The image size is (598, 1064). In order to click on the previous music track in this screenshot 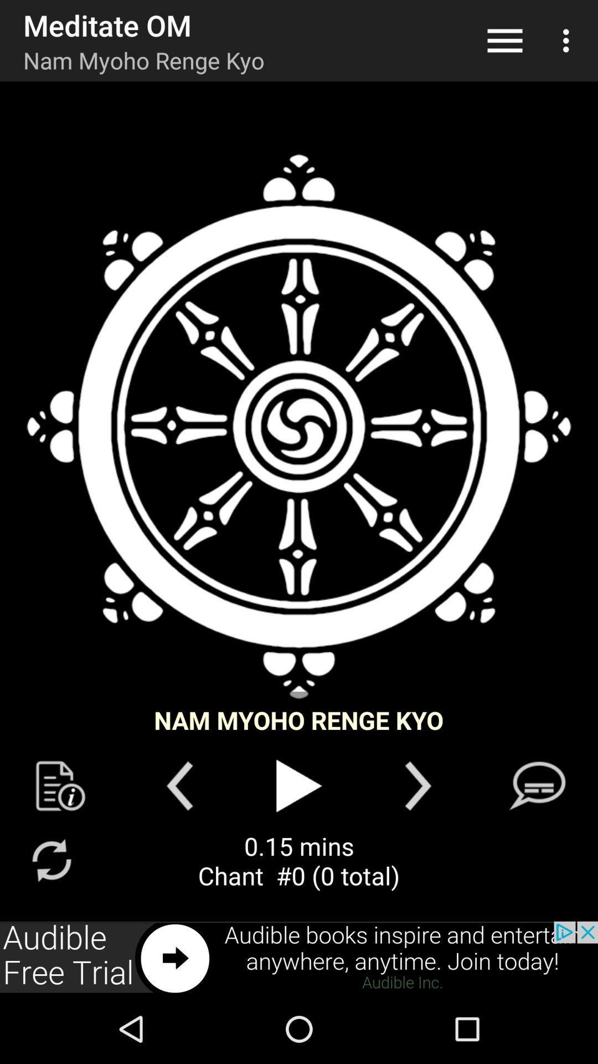, I will do `click(179, 785)`.